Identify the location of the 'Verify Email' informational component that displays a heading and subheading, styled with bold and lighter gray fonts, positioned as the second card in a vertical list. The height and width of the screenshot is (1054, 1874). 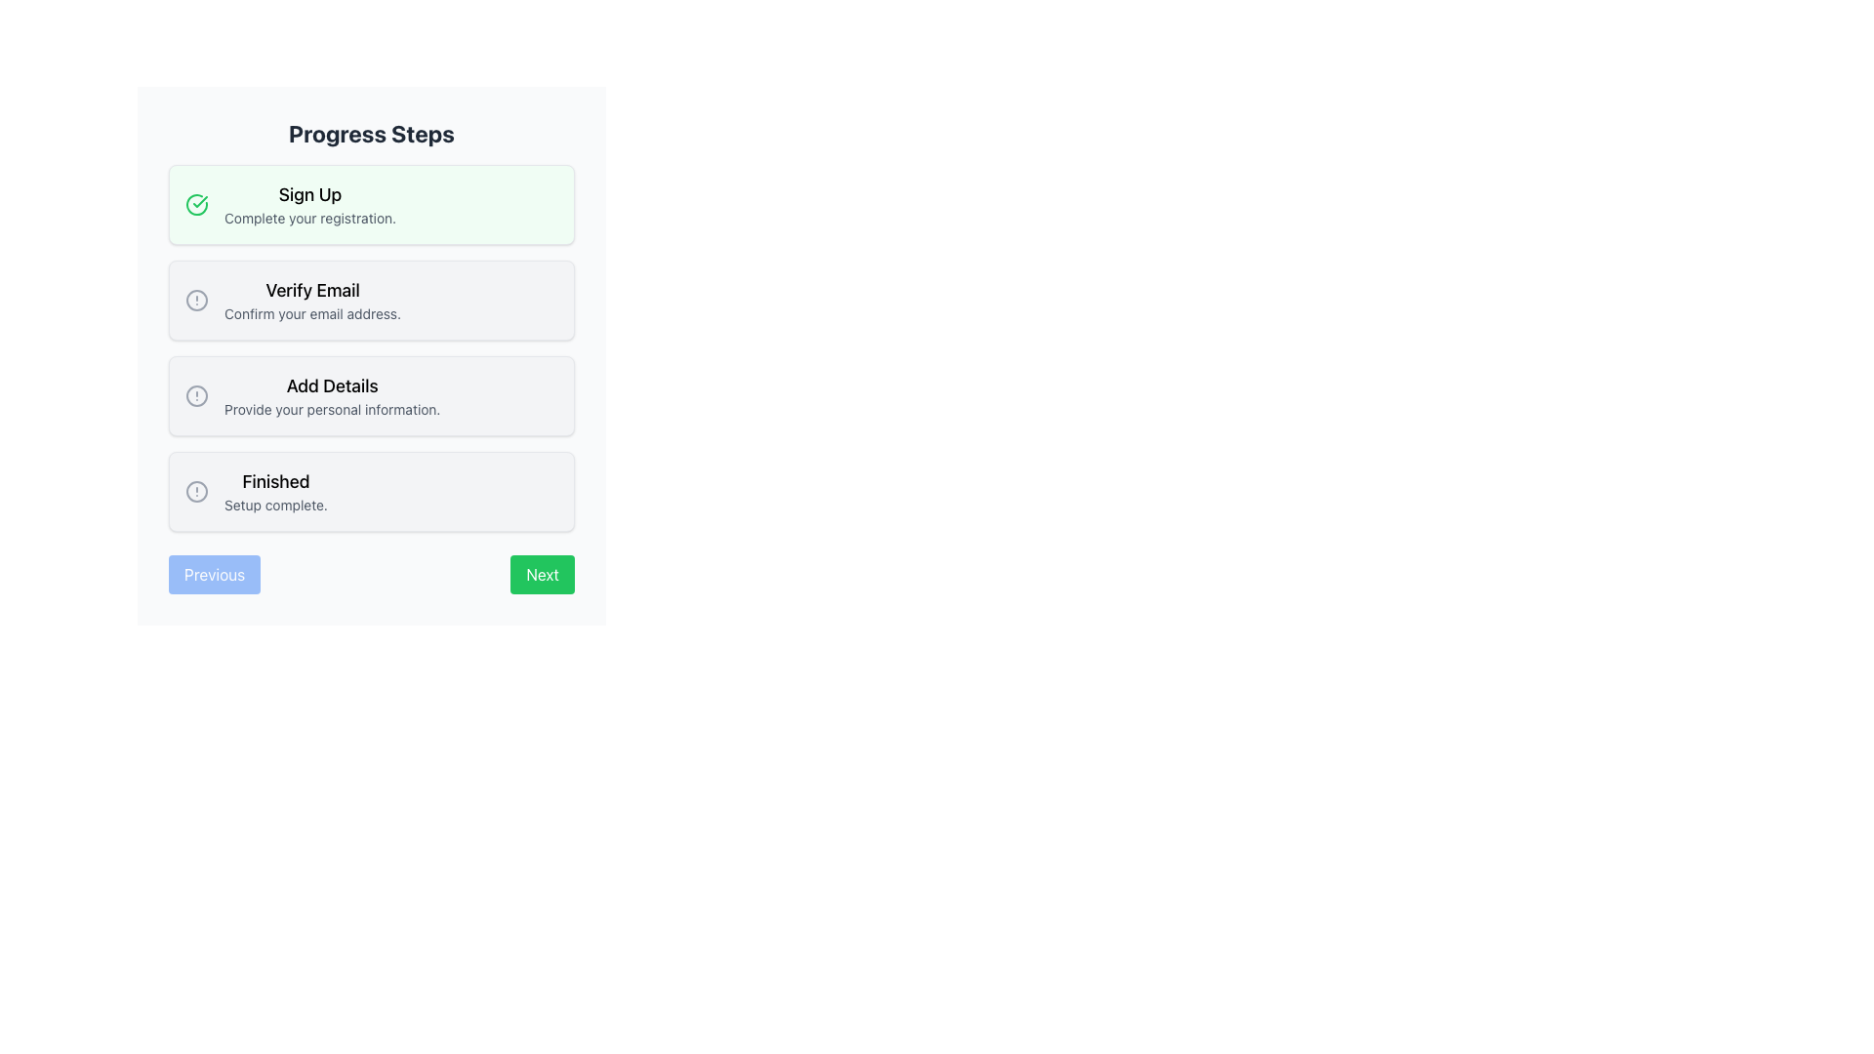
(312, 301).